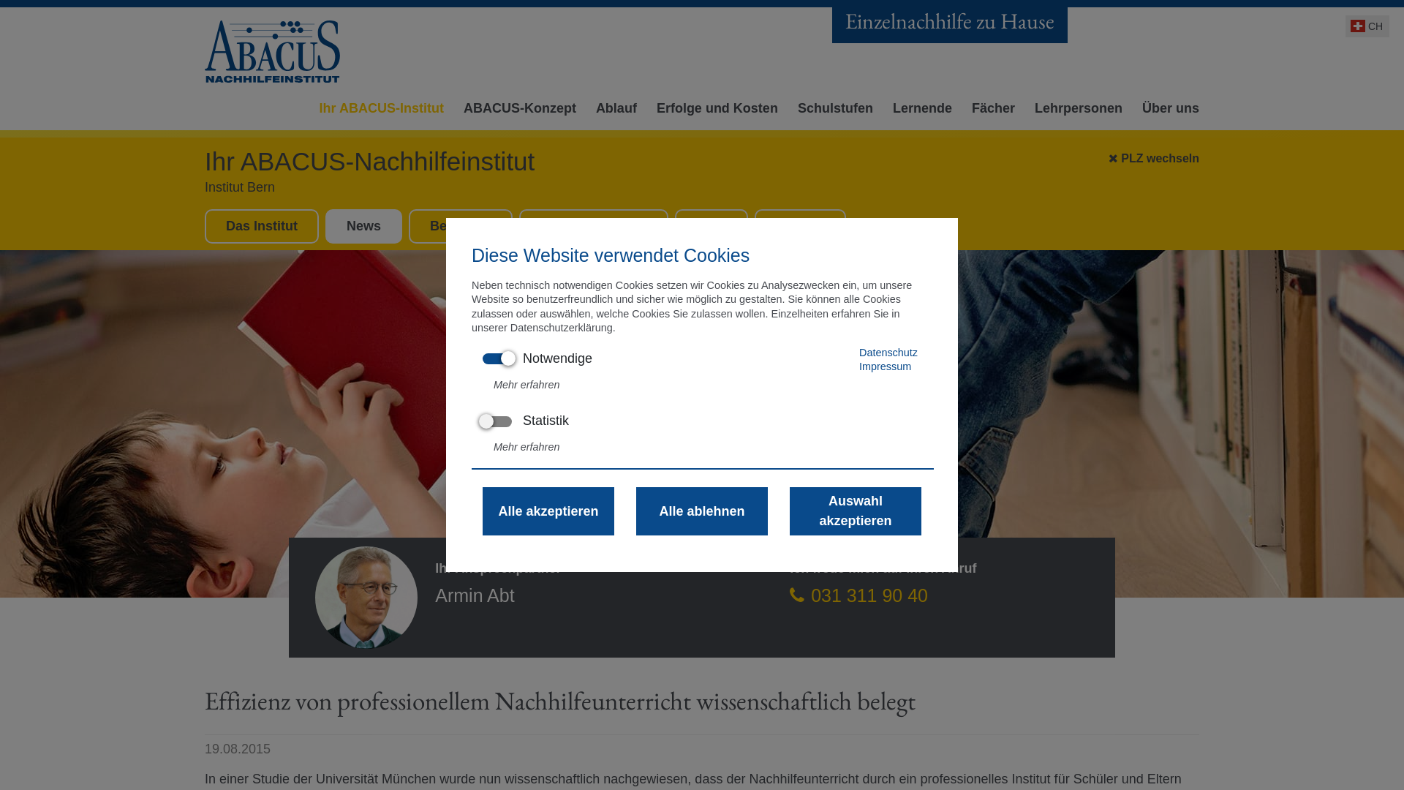  Describe the element at coordinates (712, 225) in the screenshot. I see `'Jobs'` at that location.